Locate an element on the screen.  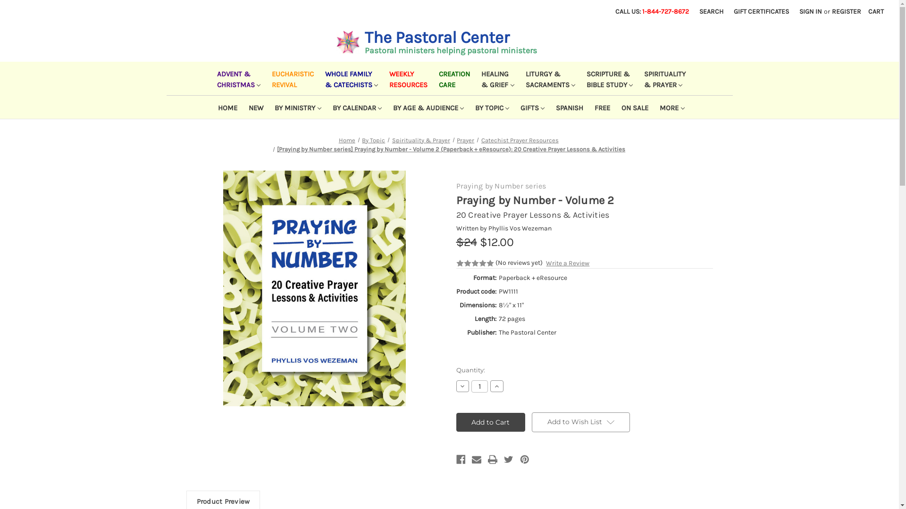
'ON SALE' is located at coordinates (633, 107).